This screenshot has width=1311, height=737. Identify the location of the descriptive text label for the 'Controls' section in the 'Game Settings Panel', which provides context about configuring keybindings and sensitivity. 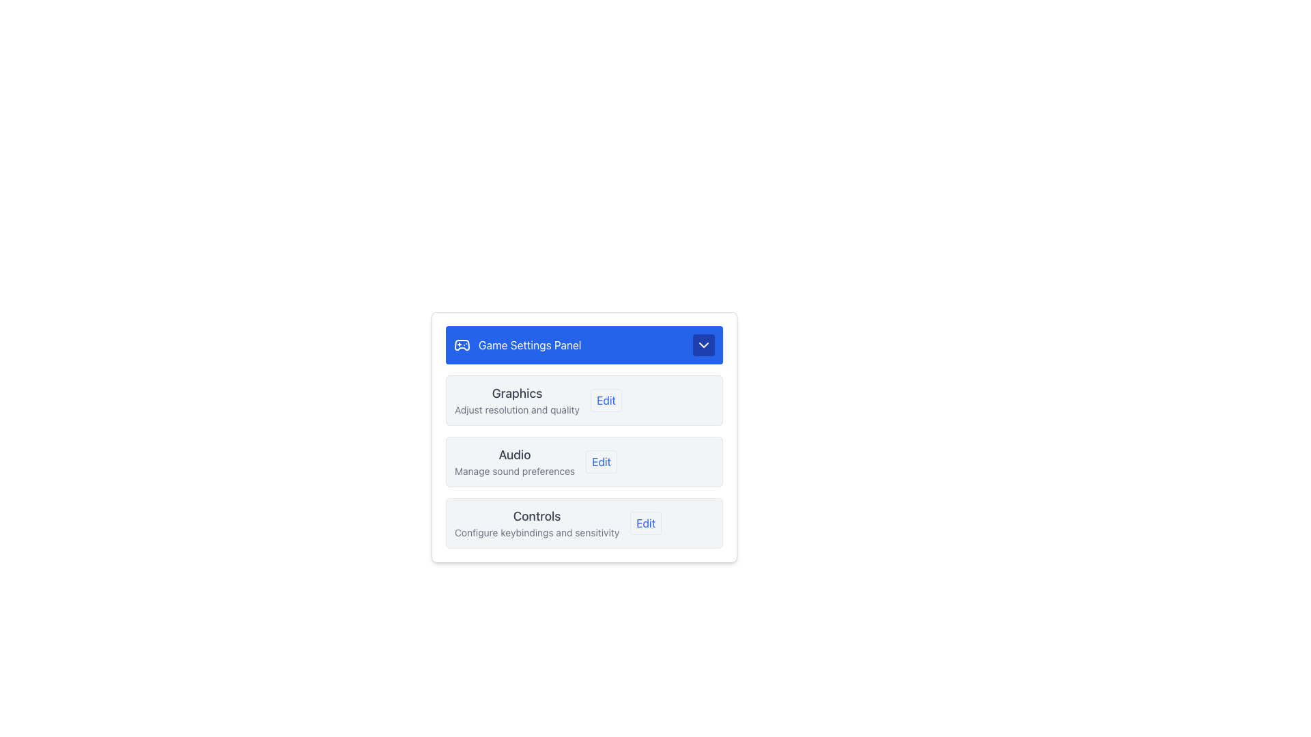
(536, 532).